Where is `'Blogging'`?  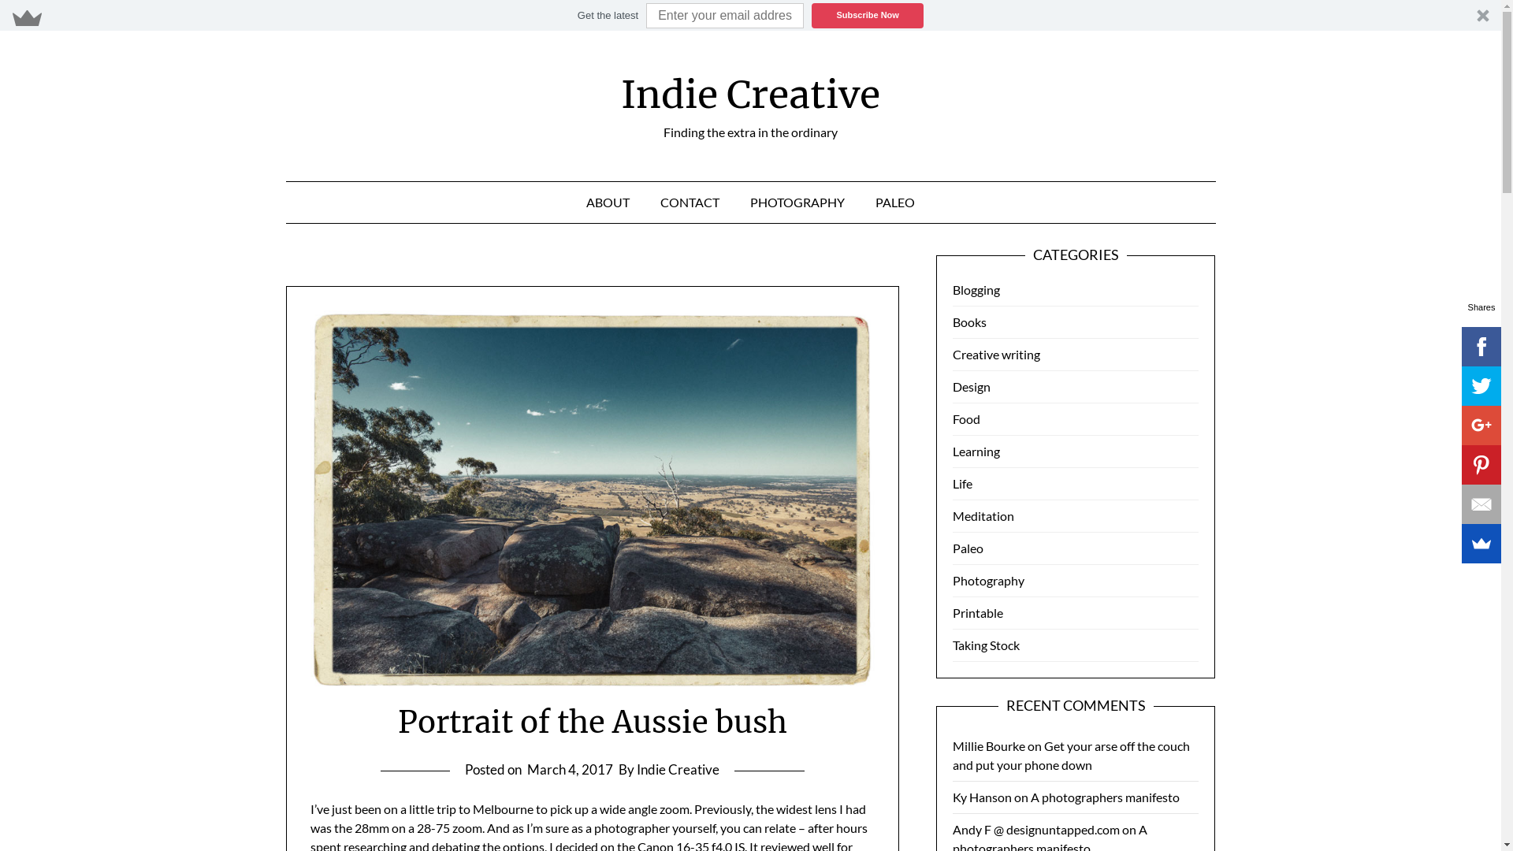
'Blogging' is located at coordinates (975, 289).